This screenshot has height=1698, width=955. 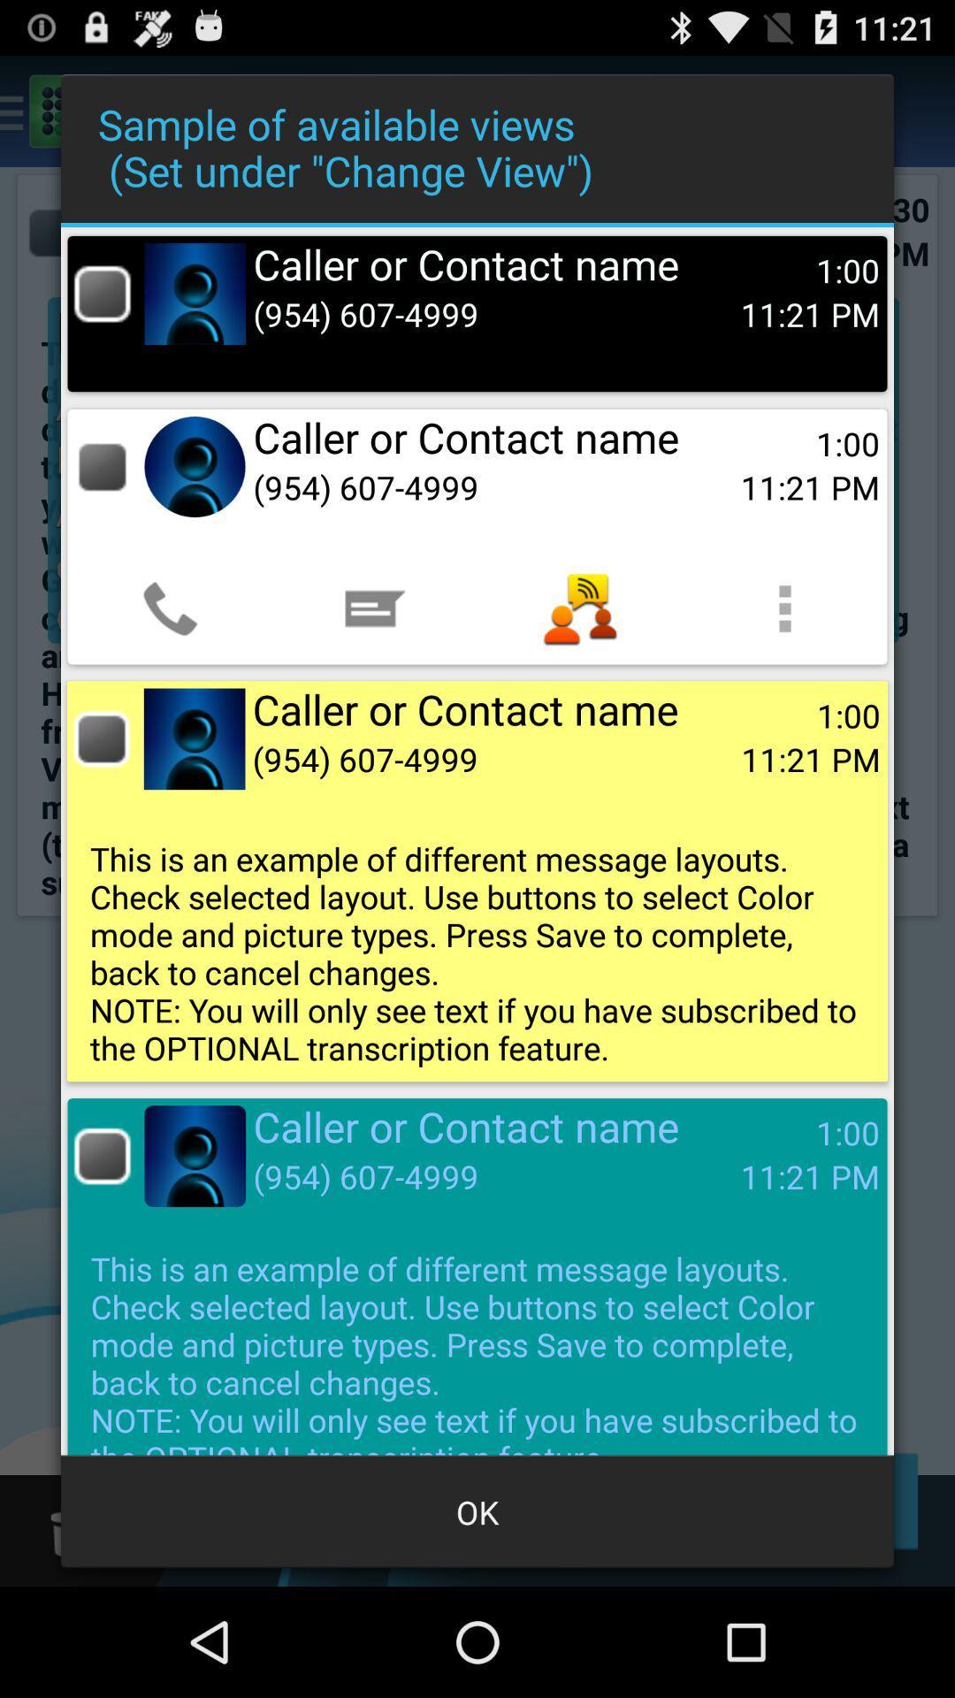 What do you see at coordinates (374, 608) in the screenshot?
I see `item below the (954) 607-4999 app` at bounding box center [374, 608].